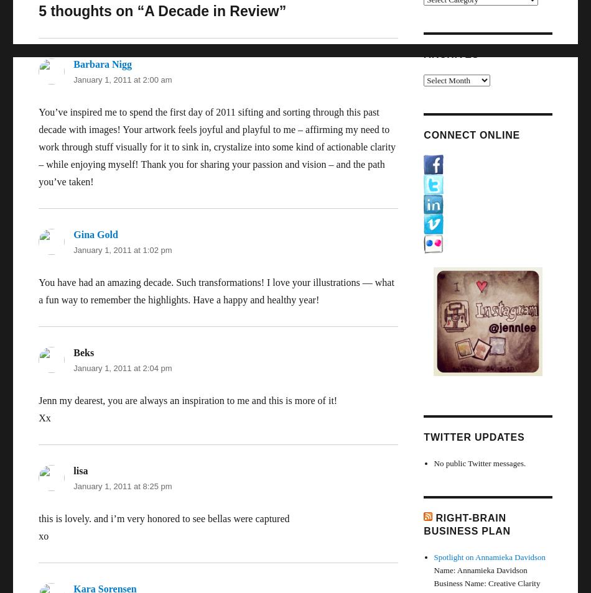 This screenshot has height=593, width=591. Describe the element at coordinates (215, 291) in the screenshot. I see `'You have had an amazing decade. Such transformations!  I love your  illustrations — what a fun way to remember the highlights.  Have a happy and healthy year!'` at that location.